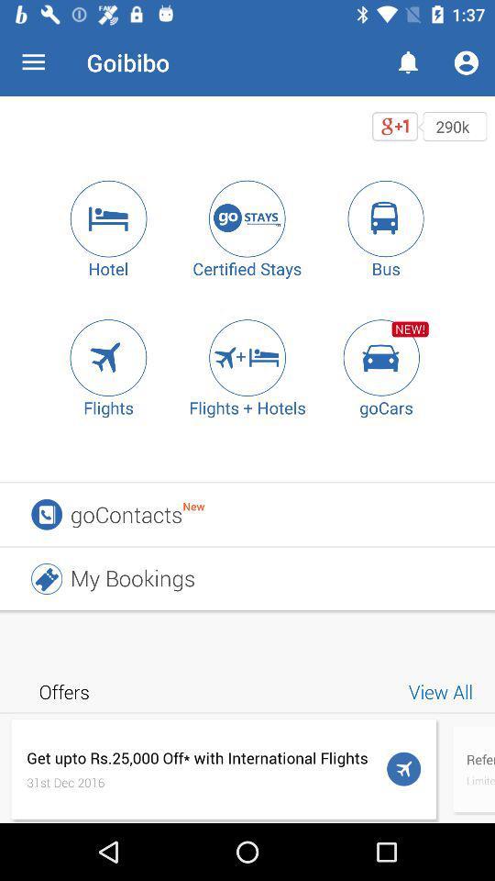  What do you see at coordinates (108, 218) in the screenshot?
I see `search for hotel` at bounding box center [108, 218].